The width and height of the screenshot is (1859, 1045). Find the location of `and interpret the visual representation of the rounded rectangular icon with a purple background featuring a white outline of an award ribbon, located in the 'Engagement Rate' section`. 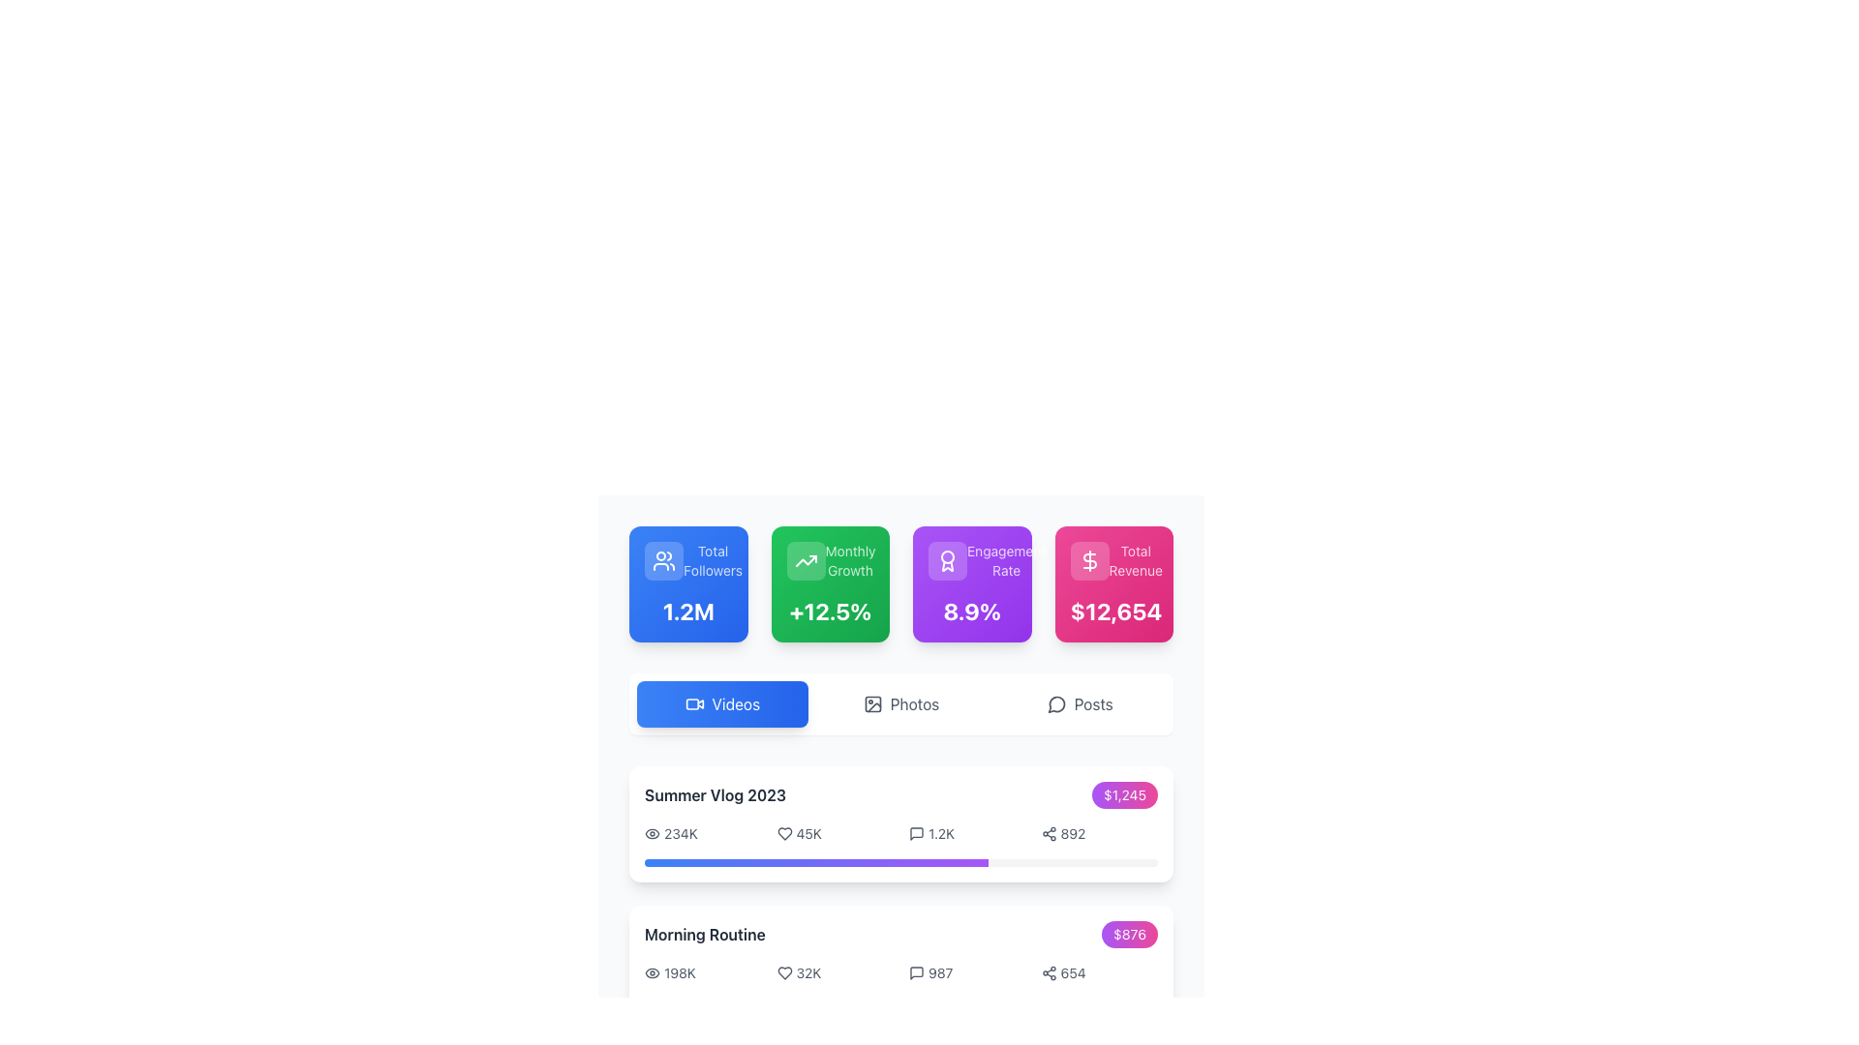

and interpret the visual representation of the rounded rectangular icon with a purple background featuring a white outline of an award ribbon, located in the 'Engagement Rate' section is located at coordinates (948, 560).